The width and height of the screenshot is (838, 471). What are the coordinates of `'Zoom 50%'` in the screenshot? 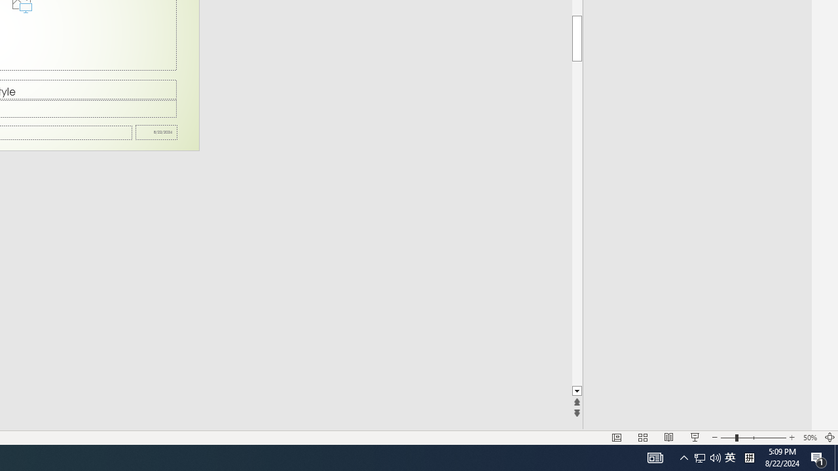 It's located at (809, 438).